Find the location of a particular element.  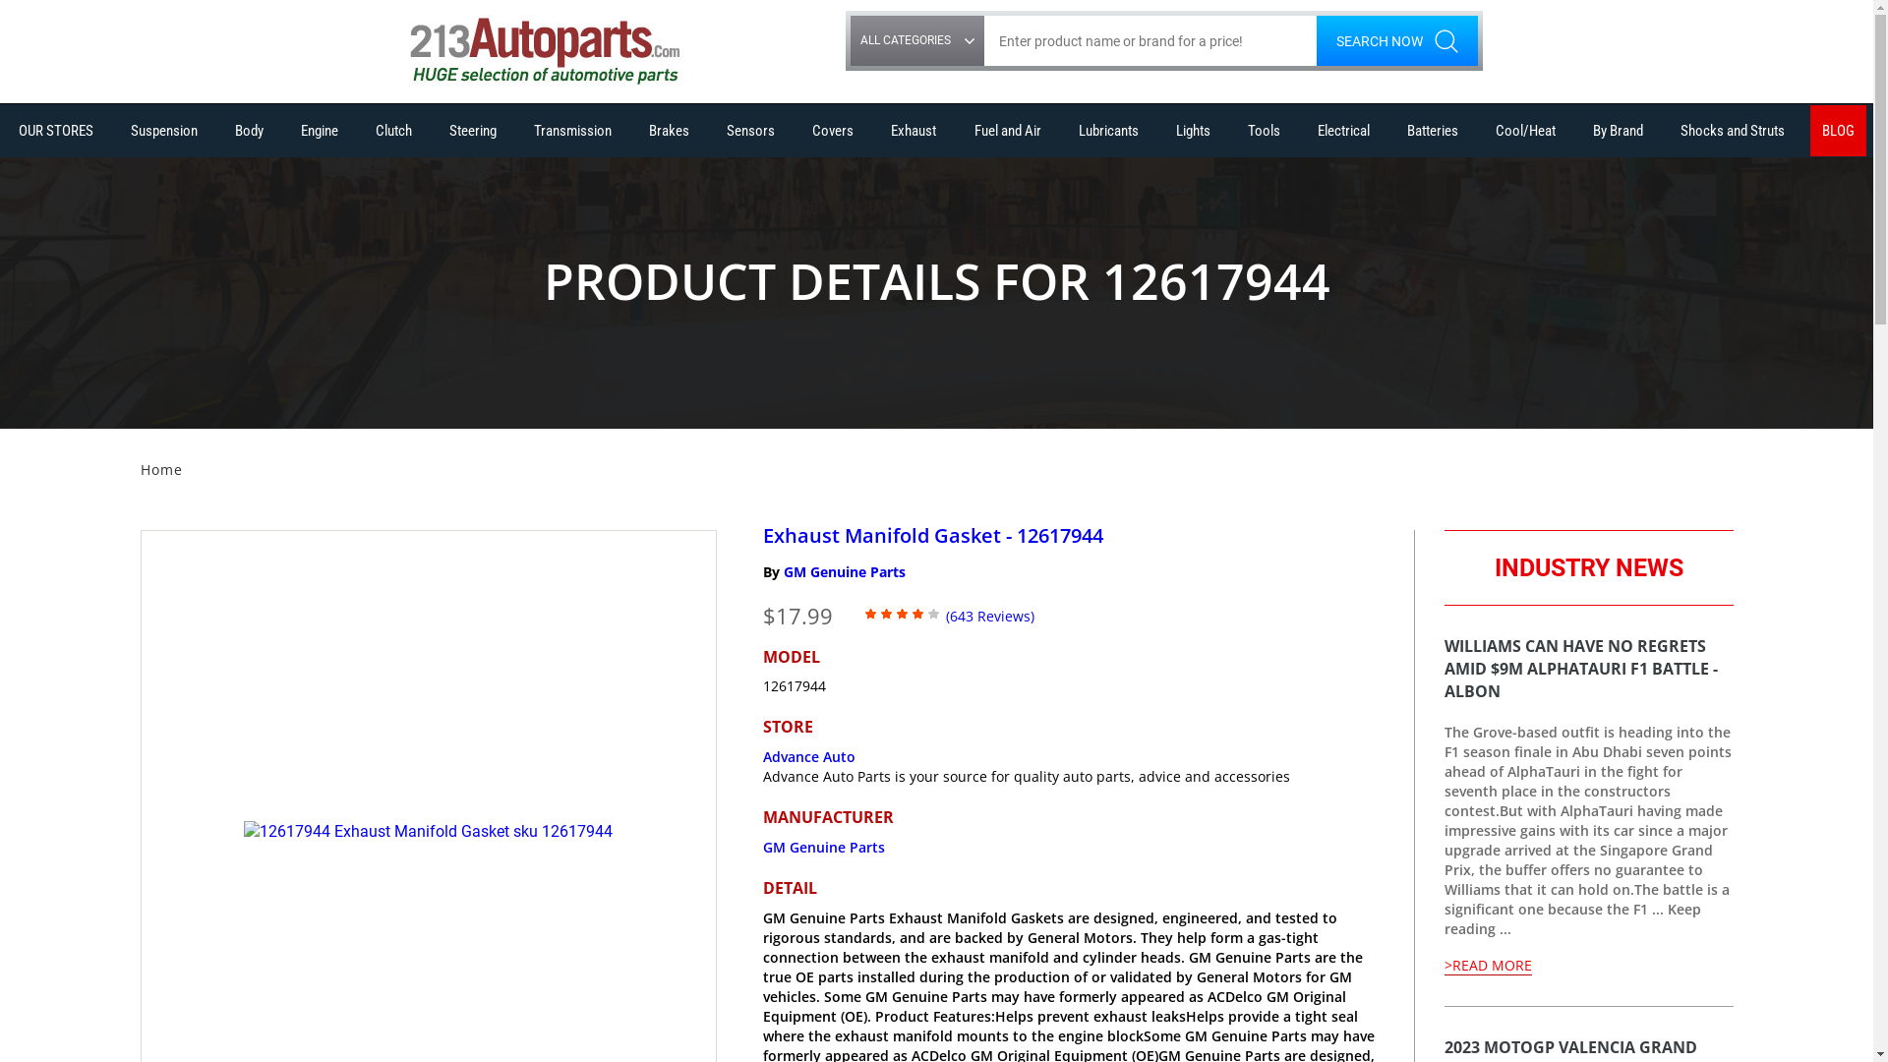

'Exhaust Manifold Gasket - 12617944' is located at coordinates (932, 534).